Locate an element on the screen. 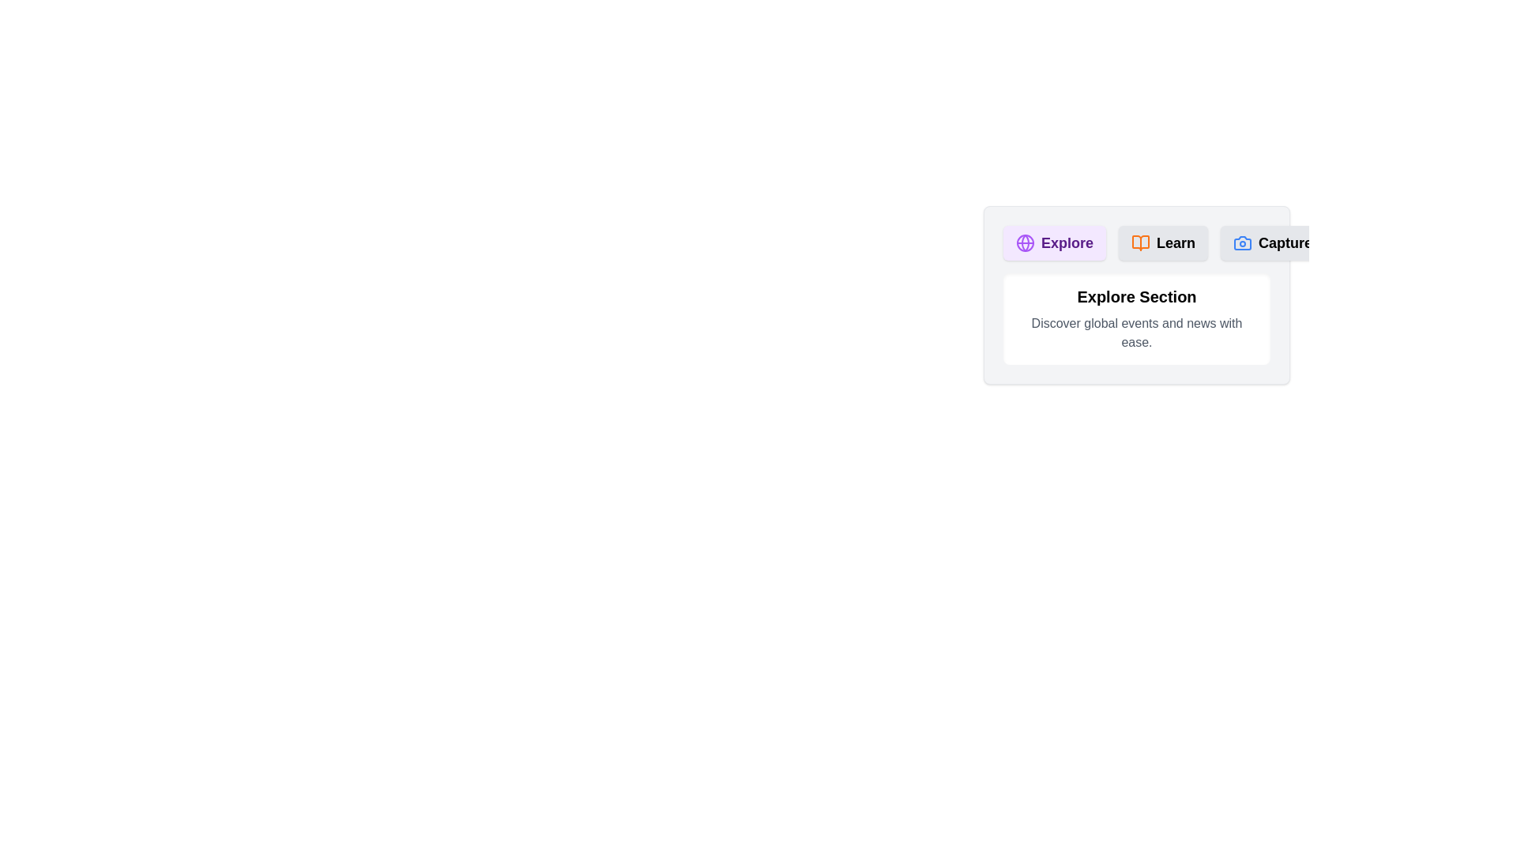  the Explore tab to view its content is located at coordinates (1054, 243).